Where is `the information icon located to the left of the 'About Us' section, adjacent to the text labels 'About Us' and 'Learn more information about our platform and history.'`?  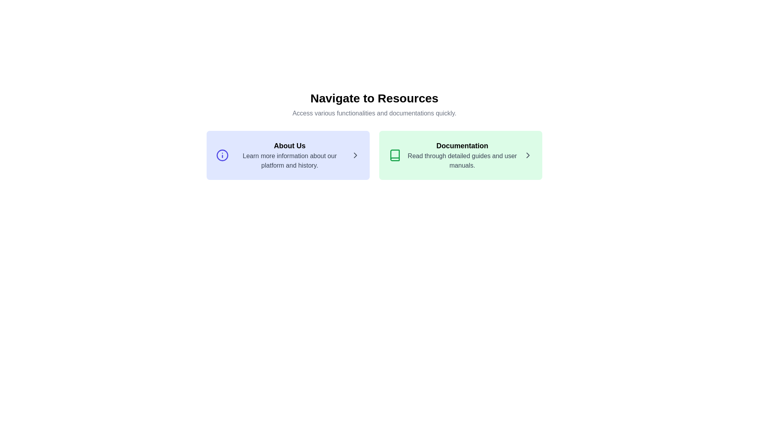
the information icon located to the left of the 'About Us' section, adjacent to the text labels 'About Us' and 'Learn more information about our platform and history.' is located at coordinates (222, 155).